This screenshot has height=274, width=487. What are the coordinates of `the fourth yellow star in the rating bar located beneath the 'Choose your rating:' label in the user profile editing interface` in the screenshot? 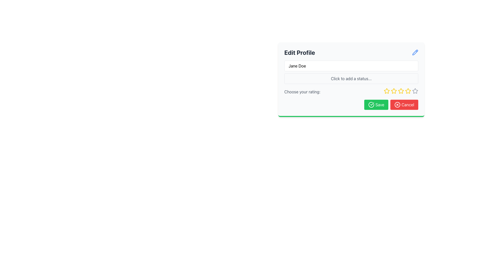 It's located at (400, 91).